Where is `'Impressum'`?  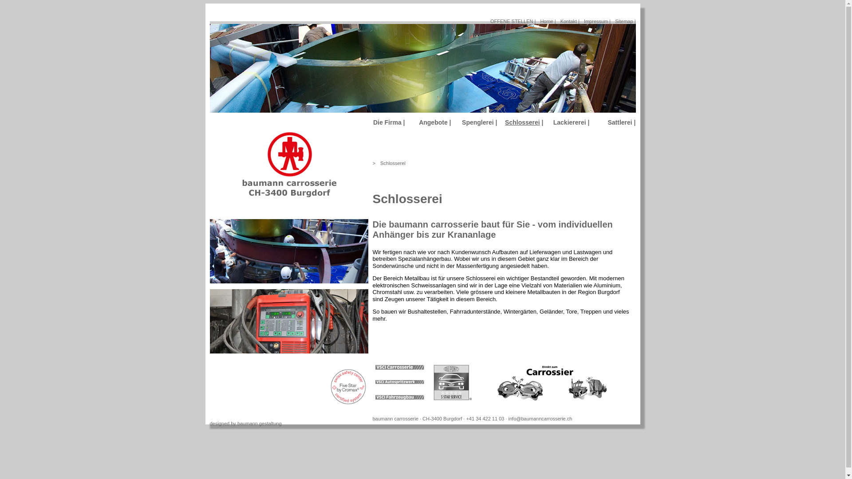
'Impressum' is located at coordinates (584, 20).